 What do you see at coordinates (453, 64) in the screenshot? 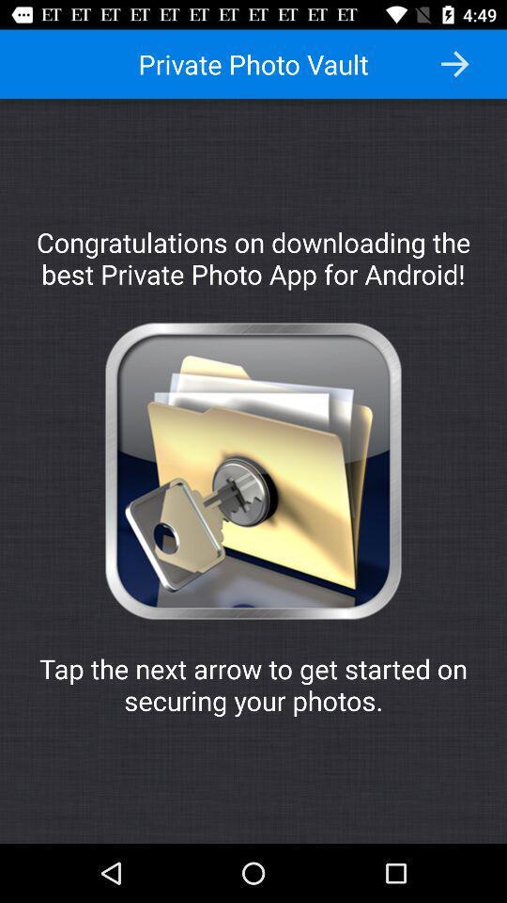
I see `the item at the top right corner` at bounding box center [453, 64].